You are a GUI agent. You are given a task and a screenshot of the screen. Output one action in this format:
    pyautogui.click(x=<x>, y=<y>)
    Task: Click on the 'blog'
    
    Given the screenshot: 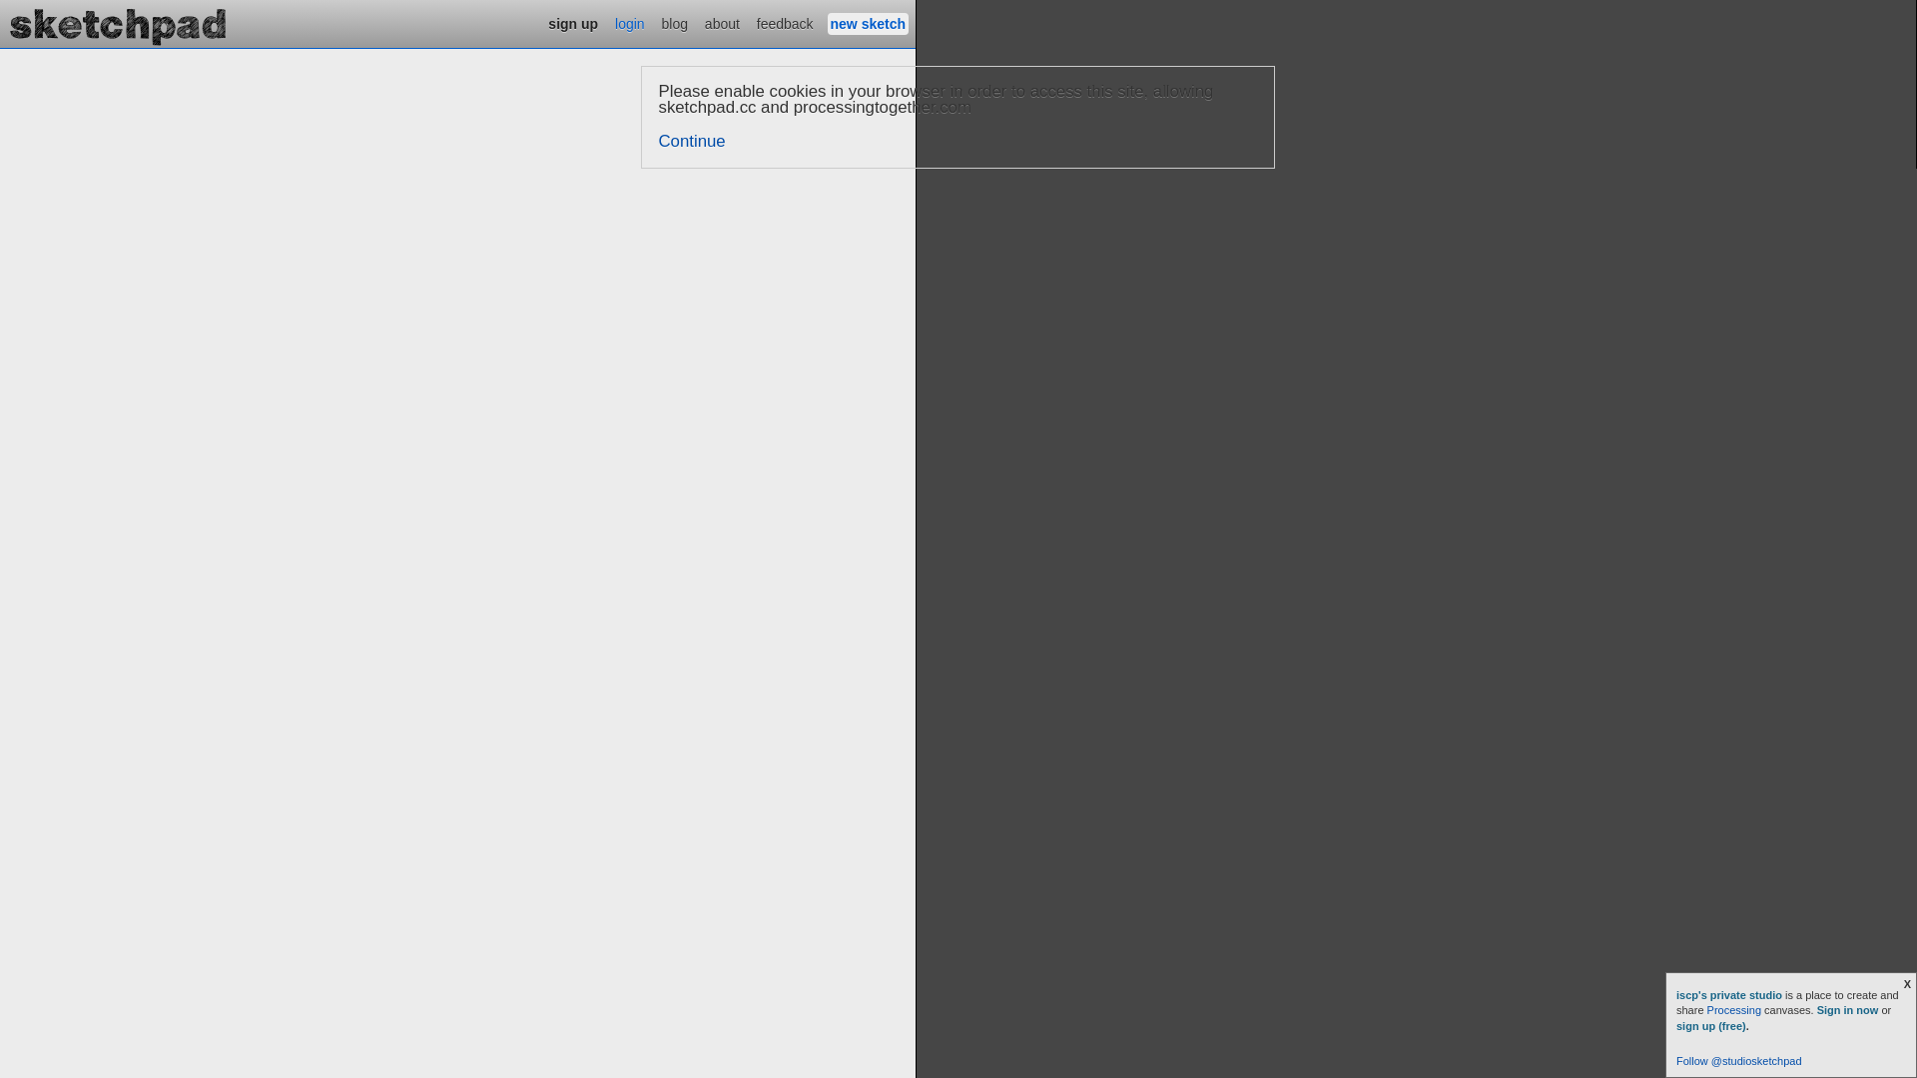 What is the action you would take?
    pyautogui.click(x=675, y=23)
    